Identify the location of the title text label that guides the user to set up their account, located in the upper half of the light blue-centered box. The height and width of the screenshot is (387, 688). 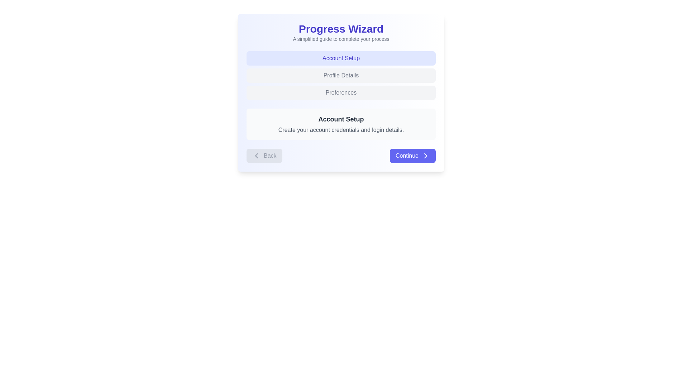
(340, 119).